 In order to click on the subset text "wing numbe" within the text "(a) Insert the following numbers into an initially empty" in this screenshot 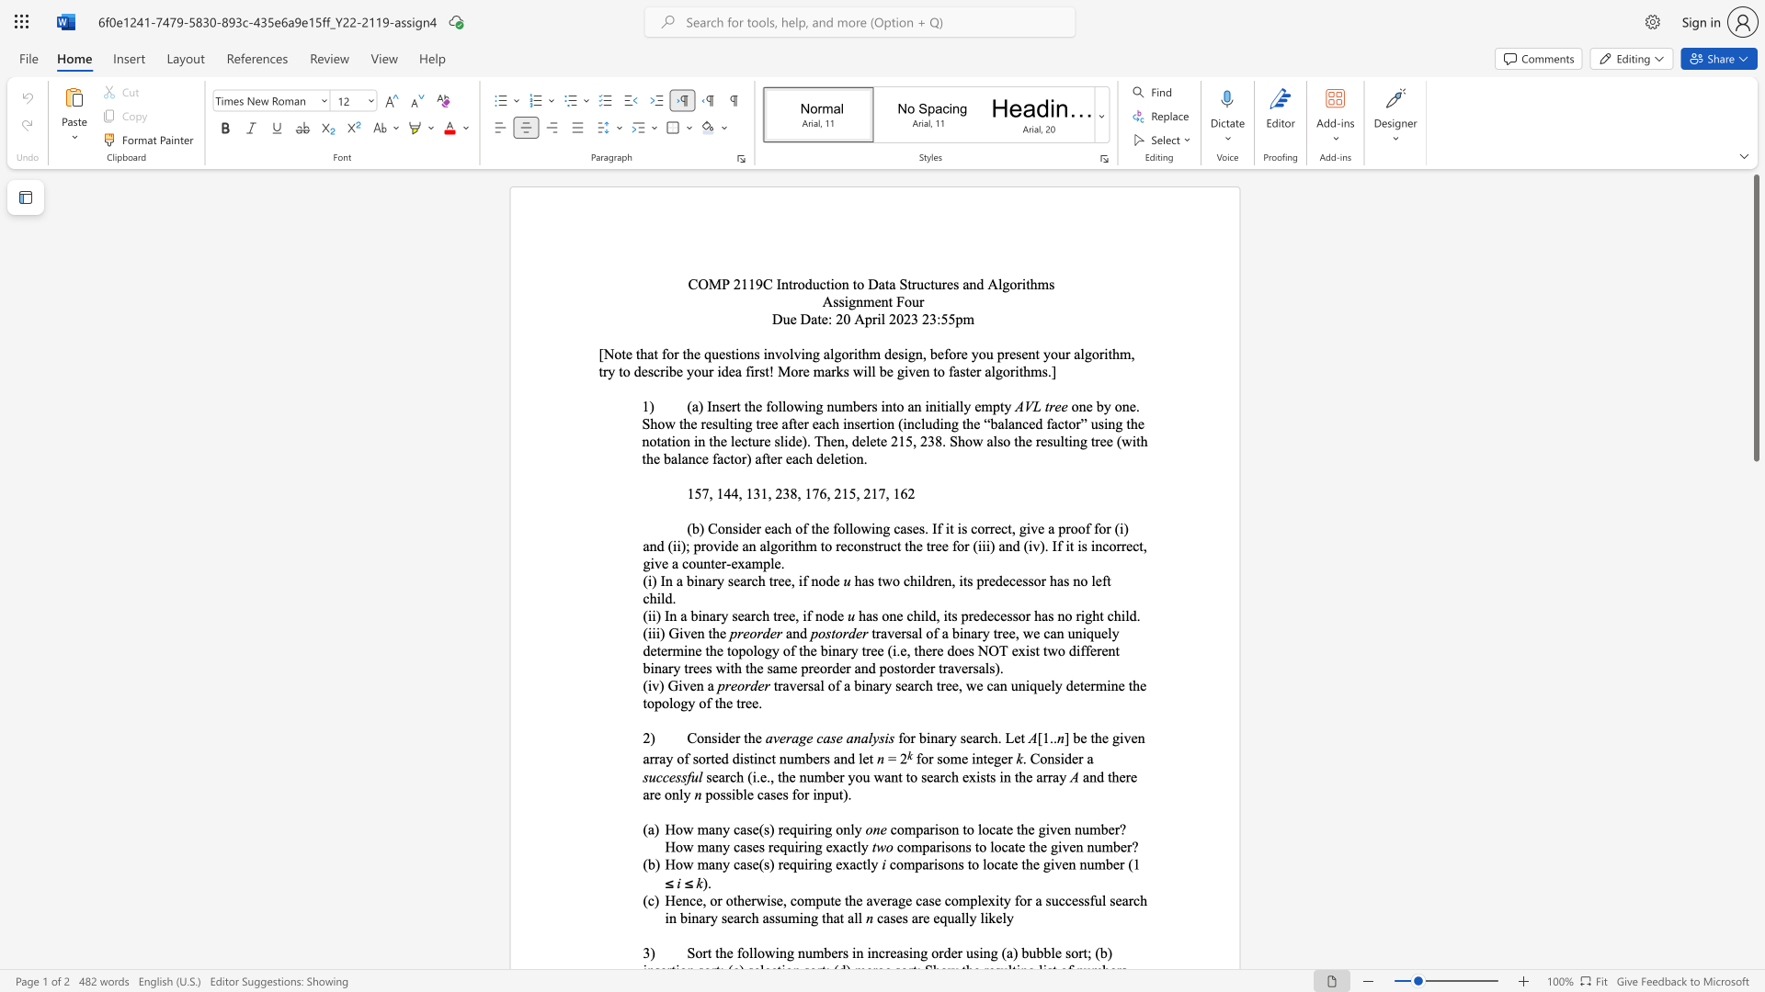, I will do `click(793, 405)`.